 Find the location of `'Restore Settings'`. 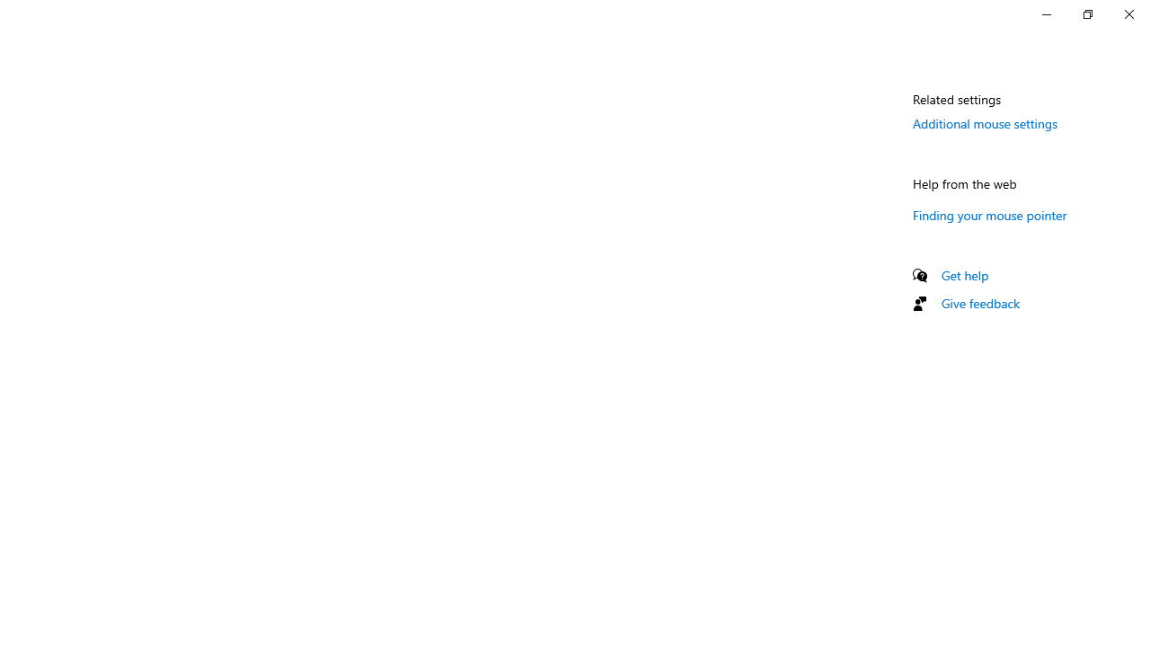

'Restore Settings' is located at coordinates (1086, 13).